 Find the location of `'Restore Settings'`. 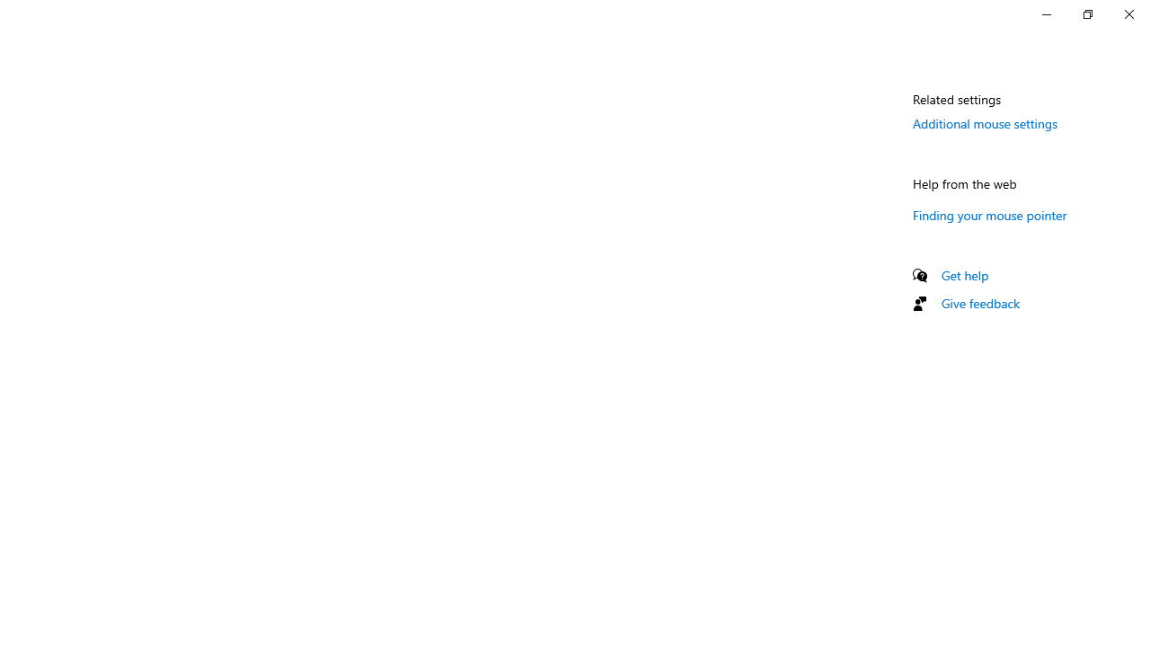

'Restore Settings' is located at coordinates (1086, 13).